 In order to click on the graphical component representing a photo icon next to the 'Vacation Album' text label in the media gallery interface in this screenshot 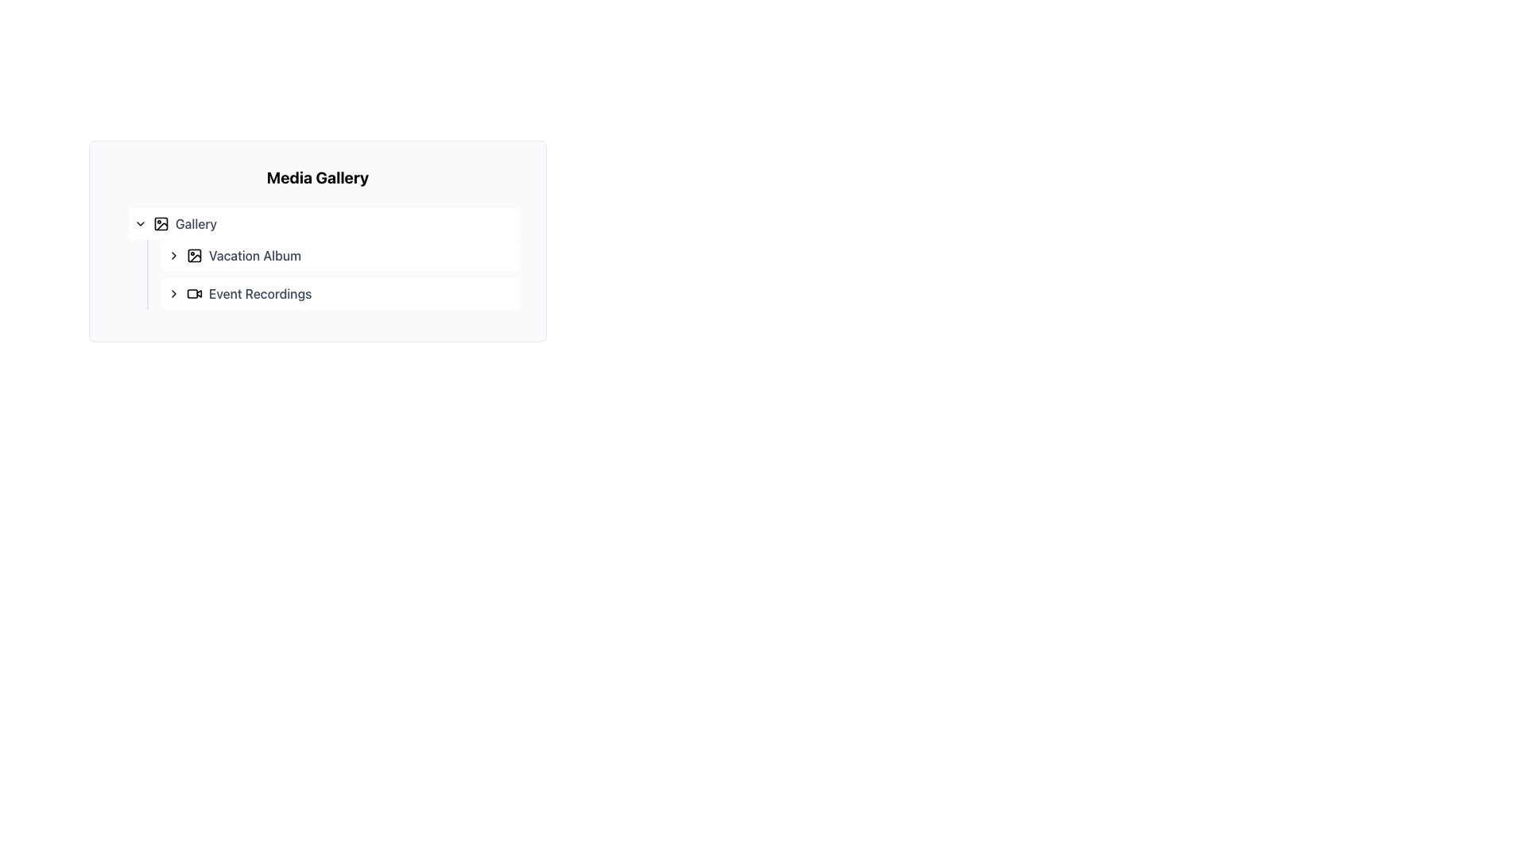, I will do `click(161, 223)`.